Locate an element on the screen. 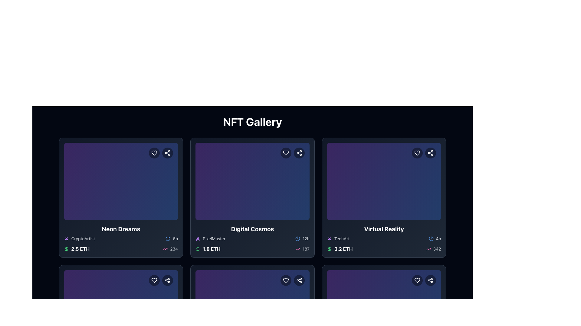 The image size is (581, 326). text that serves as a title or label for the content related to 'Virtual Reality', located at the bottom center of the third card in a row is located at coordinates (384, 229).